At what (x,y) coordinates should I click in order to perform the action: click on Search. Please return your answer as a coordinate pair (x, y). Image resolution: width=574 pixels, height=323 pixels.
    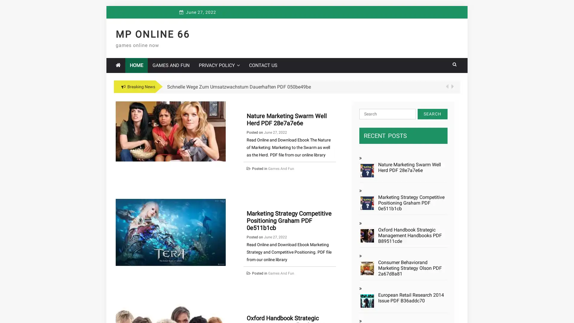
    Looking at the image, I should click on (432, 114).